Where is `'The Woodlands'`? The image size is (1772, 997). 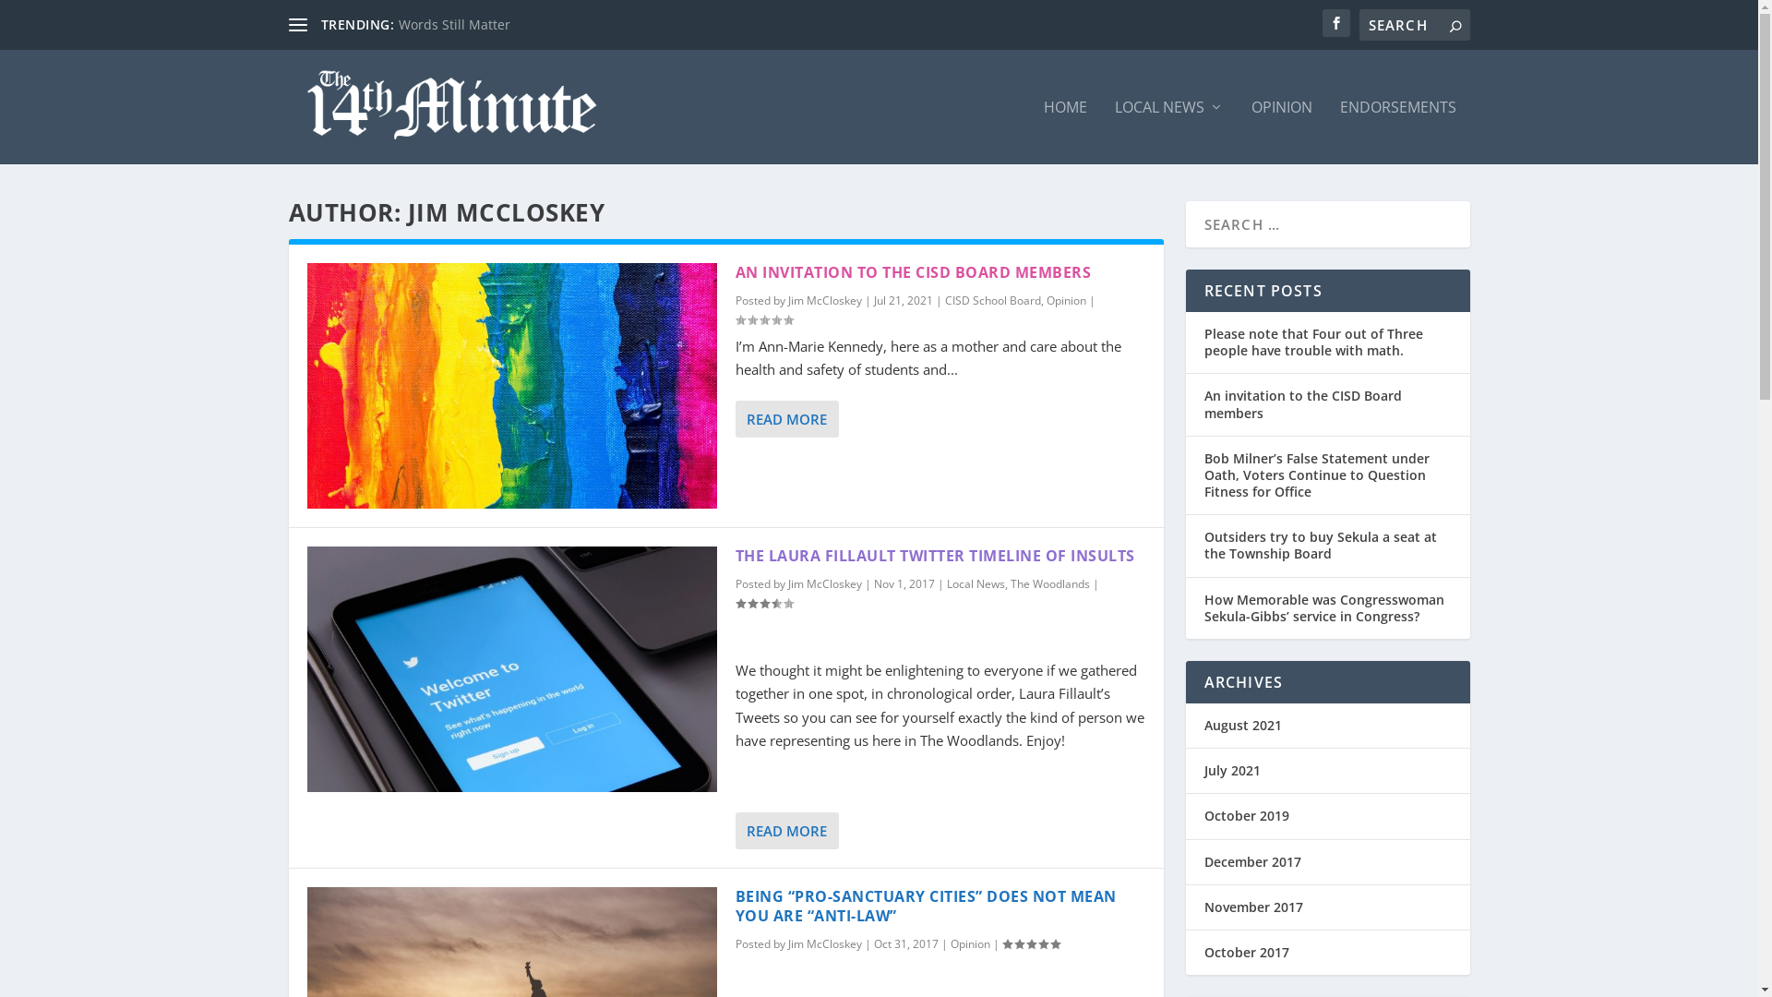 'The Woodlands' is located at coordinates (1049, 583).